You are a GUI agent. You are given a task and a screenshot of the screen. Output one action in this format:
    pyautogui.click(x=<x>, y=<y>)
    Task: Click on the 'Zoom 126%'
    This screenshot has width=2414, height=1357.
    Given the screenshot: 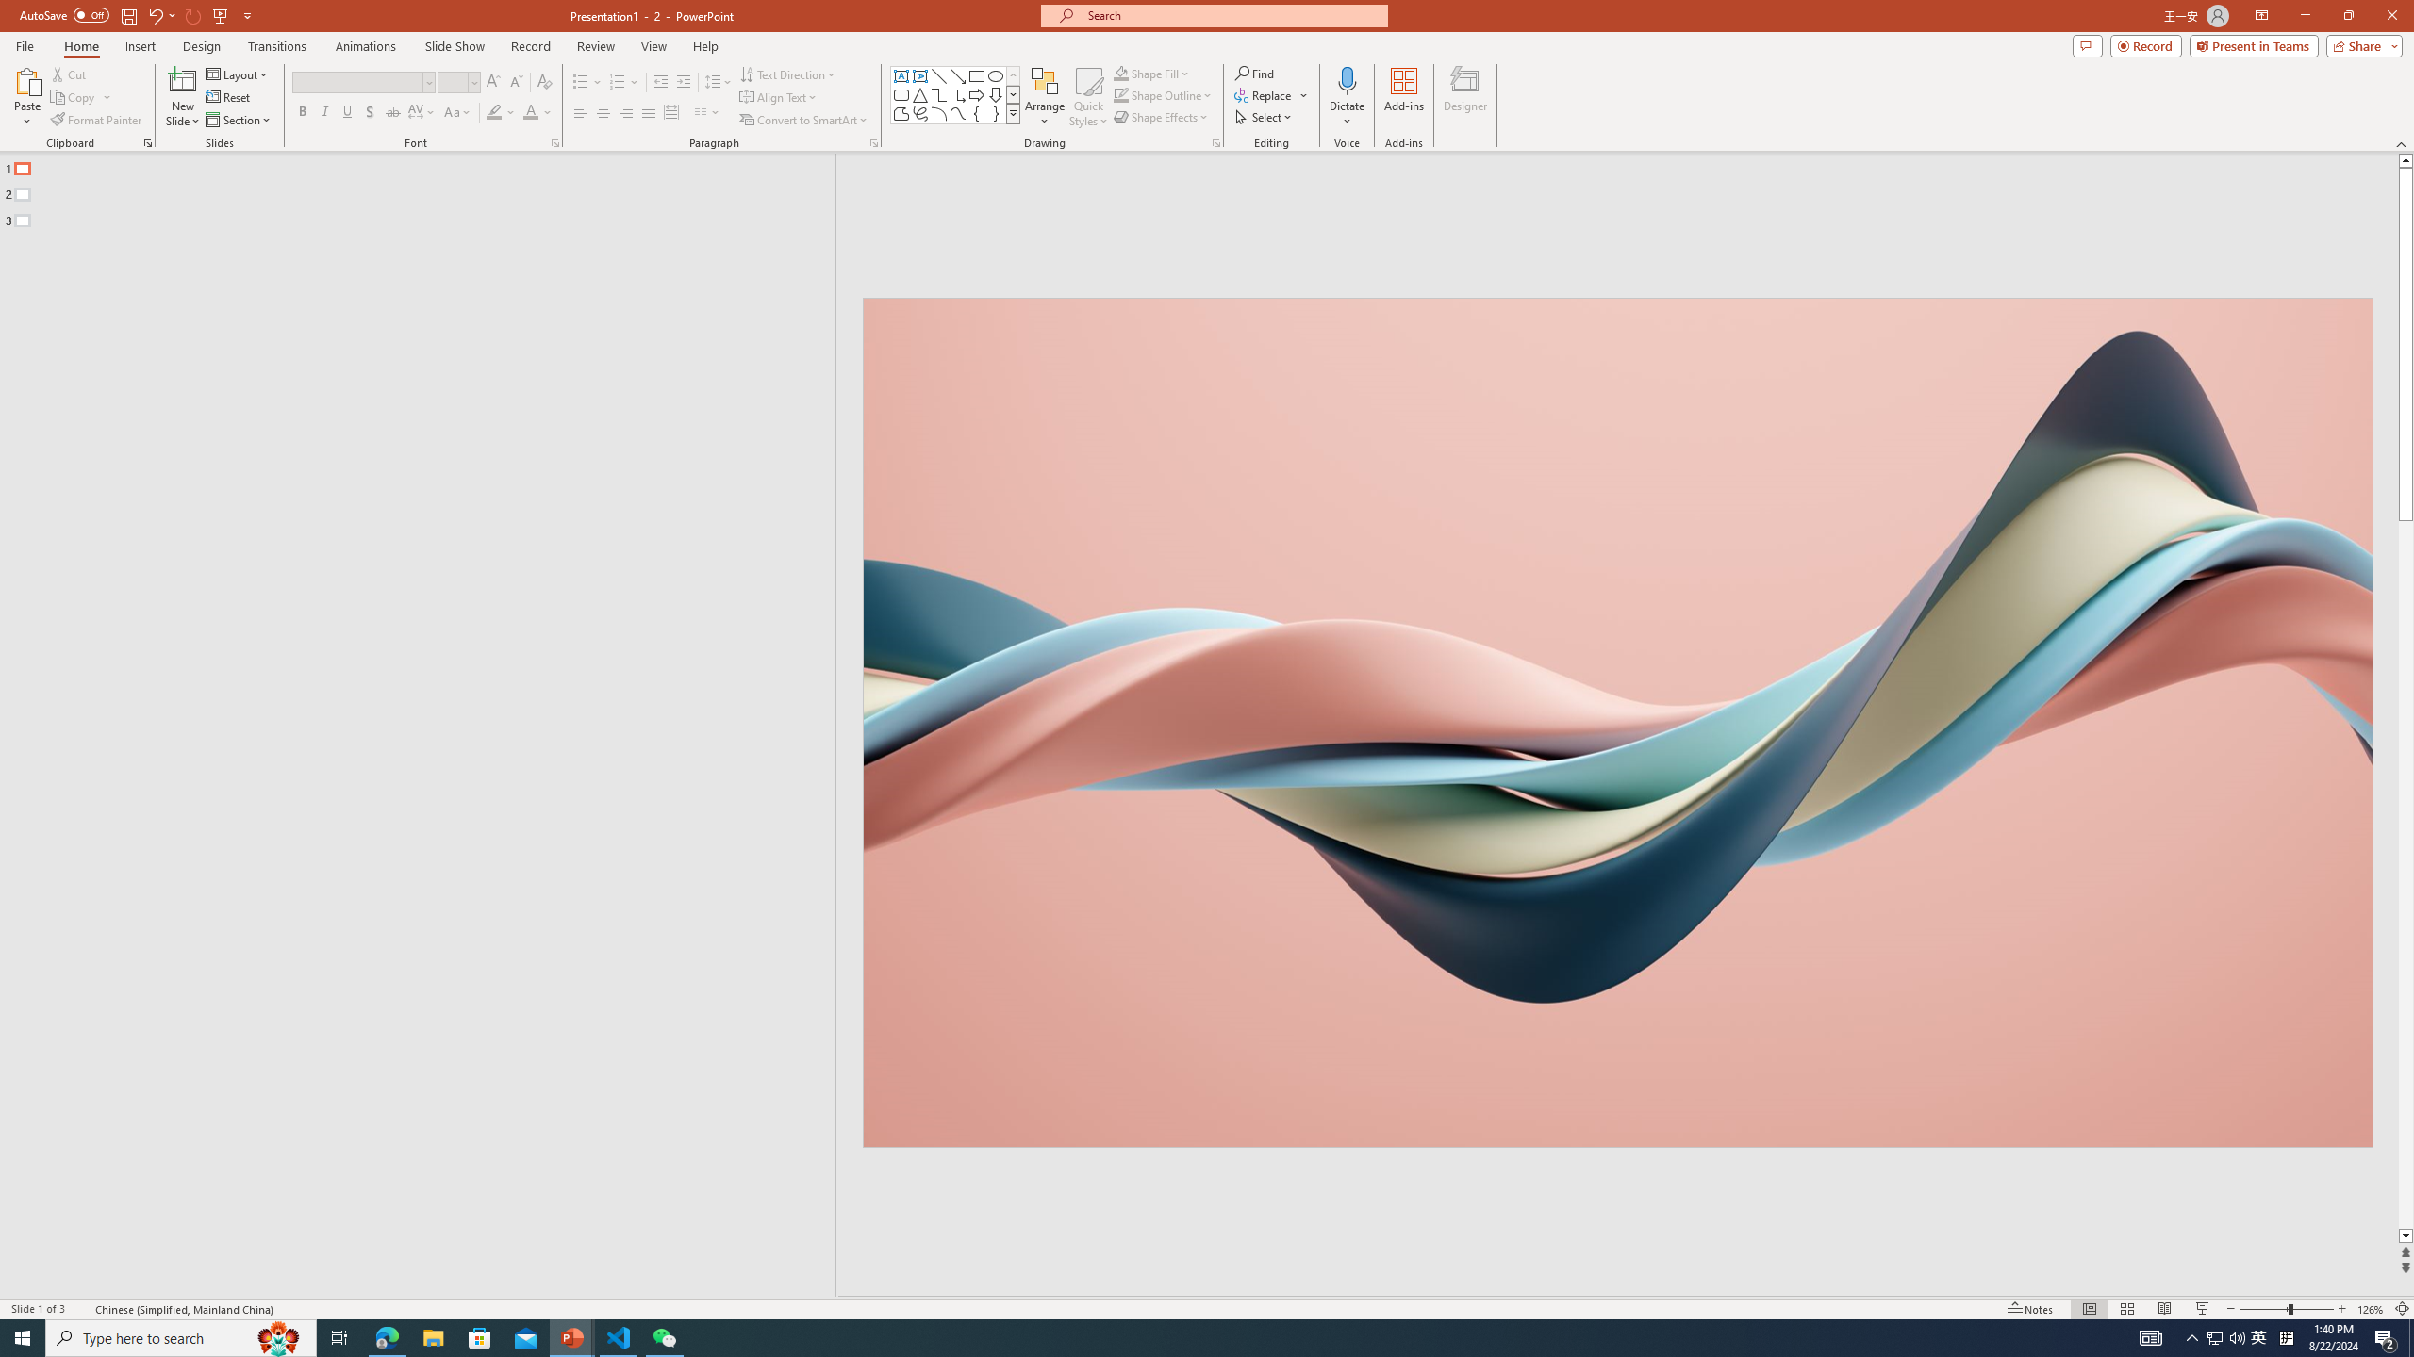 What is the action you would take?
    pyautogui.click(x=2372, y=1309)
    